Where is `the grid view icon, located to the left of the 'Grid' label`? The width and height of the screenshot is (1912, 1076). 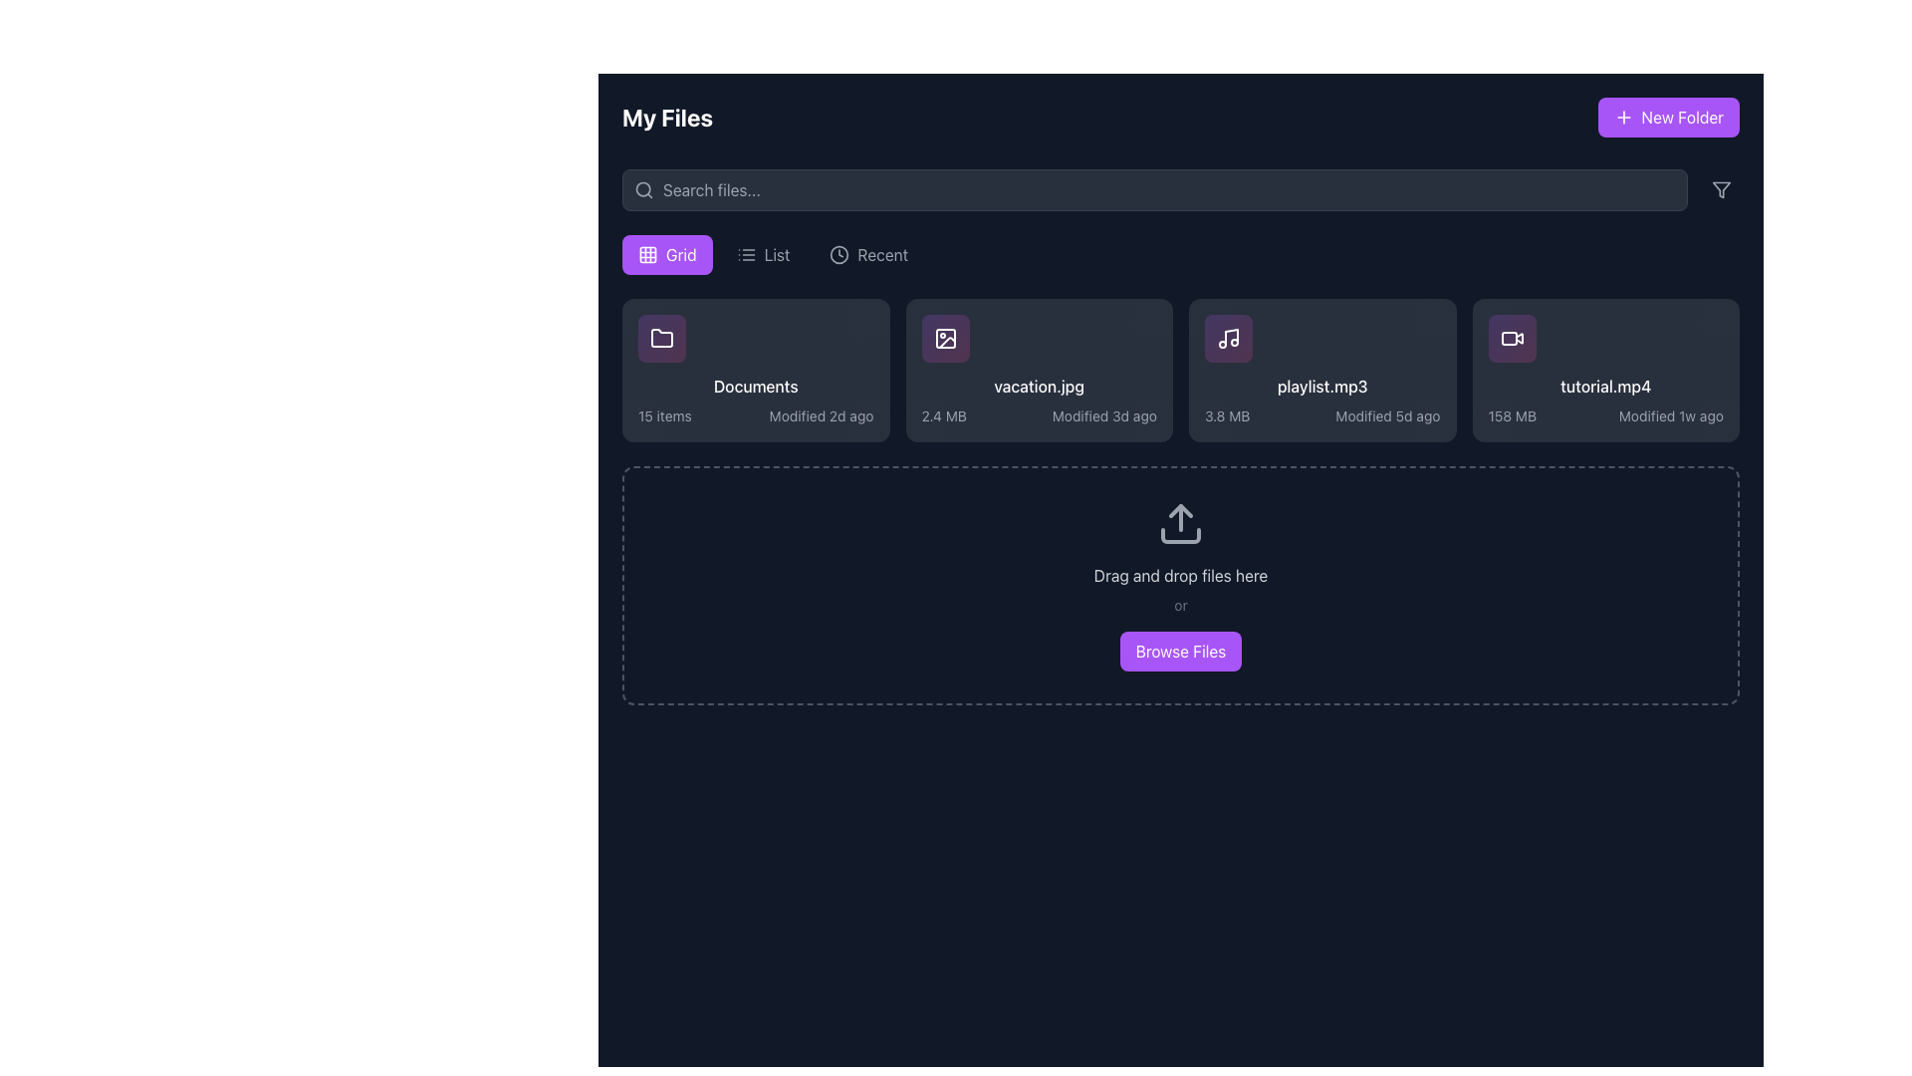 the grid view icon, located to the left of the 'Grid' label is located at coordinates (648, 253).